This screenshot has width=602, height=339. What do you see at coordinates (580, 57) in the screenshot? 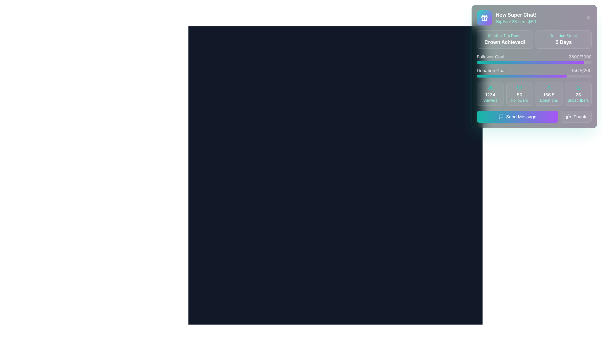
I see `the 'Follower Goal' text display` at bounding box center [580, 57].